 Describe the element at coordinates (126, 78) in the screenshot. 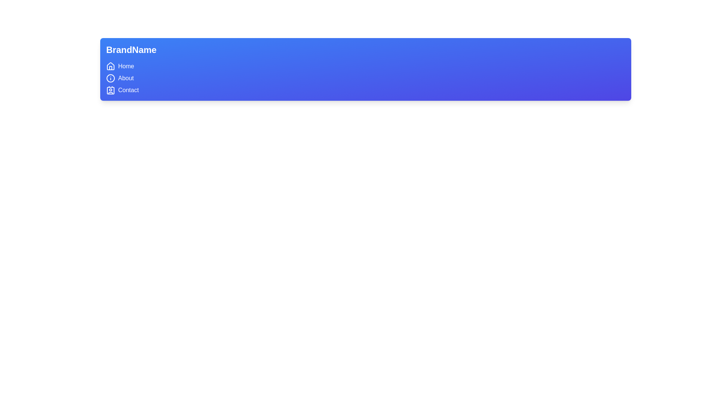

I see `the 'About' text link in the sidebar navigation menu` at that location.